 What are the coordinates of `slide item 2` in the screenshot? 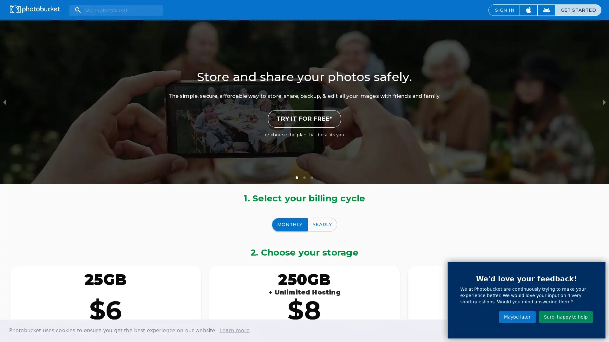 It's located at (304, 177).